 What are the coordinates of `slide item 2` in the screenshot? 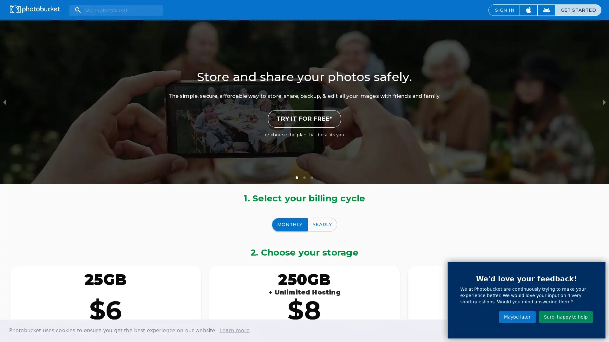 It's located at (304, 177).